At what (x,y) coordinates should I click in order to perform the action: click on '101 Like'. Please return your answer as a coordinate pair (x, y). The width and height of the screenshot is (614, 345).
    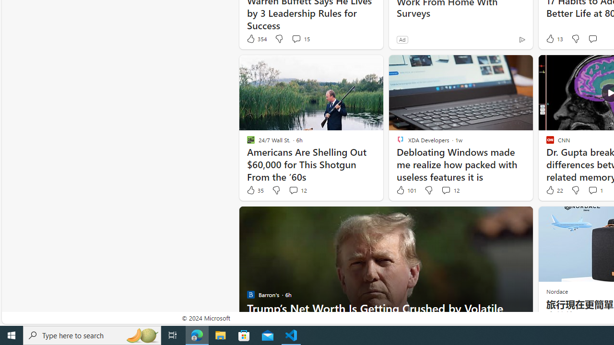
    Looking at the image, I should click on (406, 190).